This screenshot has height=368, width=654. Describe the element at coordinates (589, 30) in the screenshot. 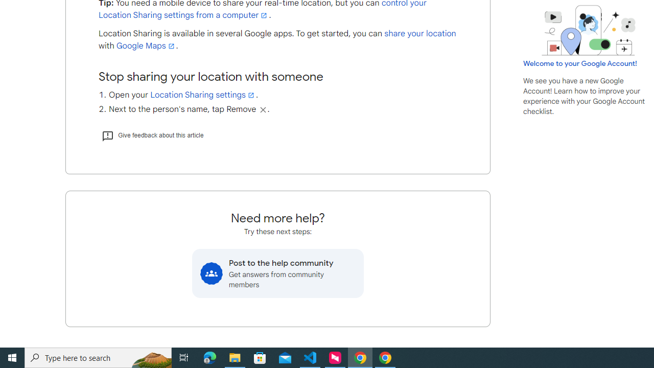

I see `'Learning Center home page image'` at that location.